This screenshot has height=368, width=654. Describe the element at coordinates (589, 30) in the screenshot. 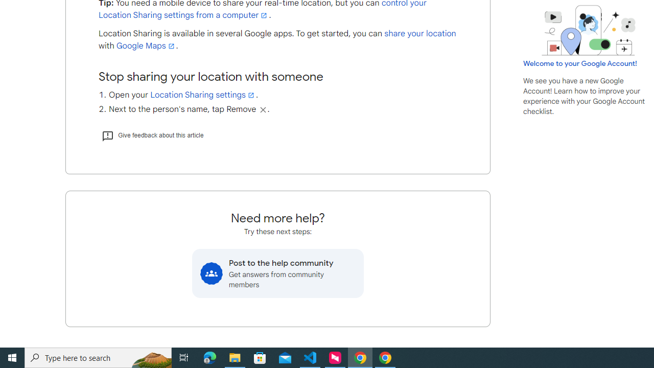

I see `'Learning Center home page image'` at that location.